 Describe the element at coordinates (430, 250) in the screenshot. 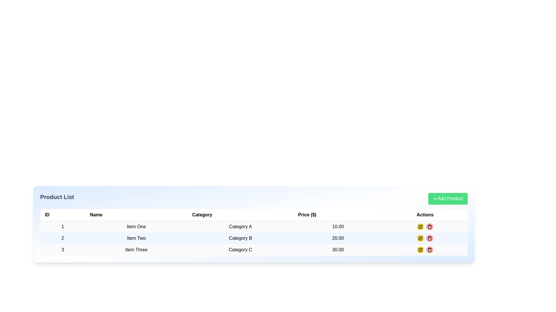

I see `the trash bin icon located in the 'Actions' column adjacent to 'Item Three', which has a rectangular base and a lid shape on top` at that location.